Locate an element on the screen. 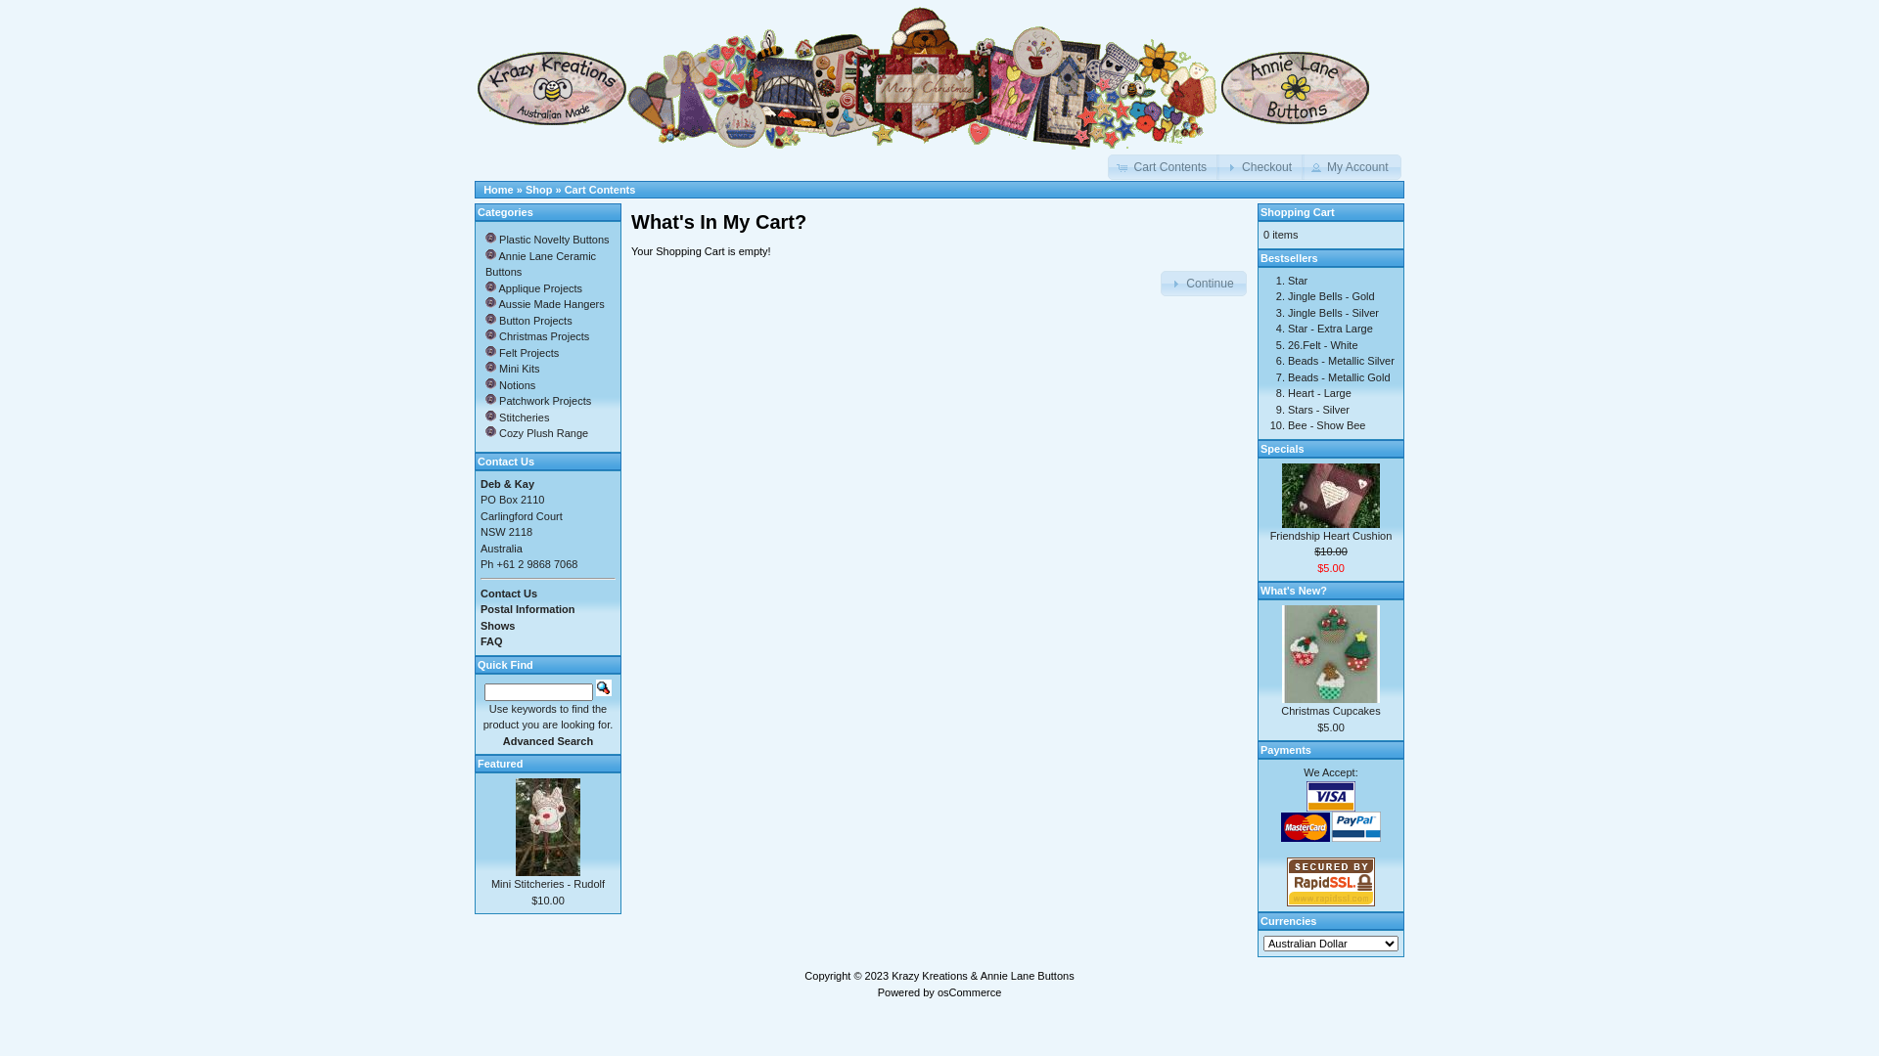 Image resolution: width=1879 pixels, height=1056 pixels. 'Shop' is located at coordinates (539, 189).